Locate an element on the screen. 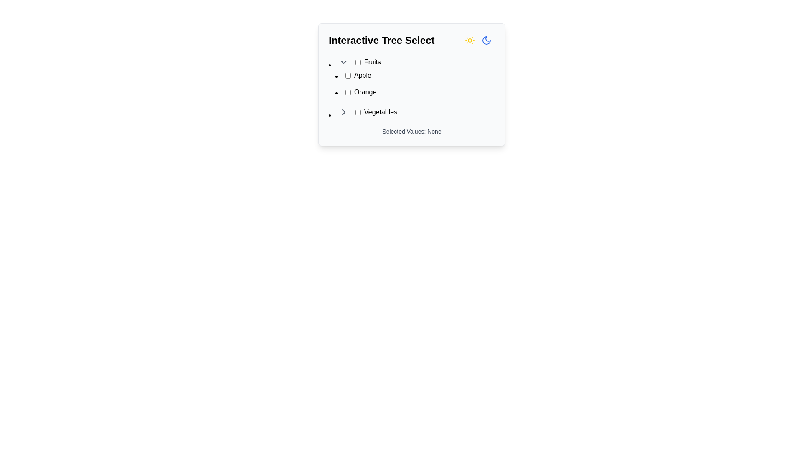 Image resolution: width=802 pixels, height=451 pixels. the empty checkbox located is located at coordinates (348, 92).